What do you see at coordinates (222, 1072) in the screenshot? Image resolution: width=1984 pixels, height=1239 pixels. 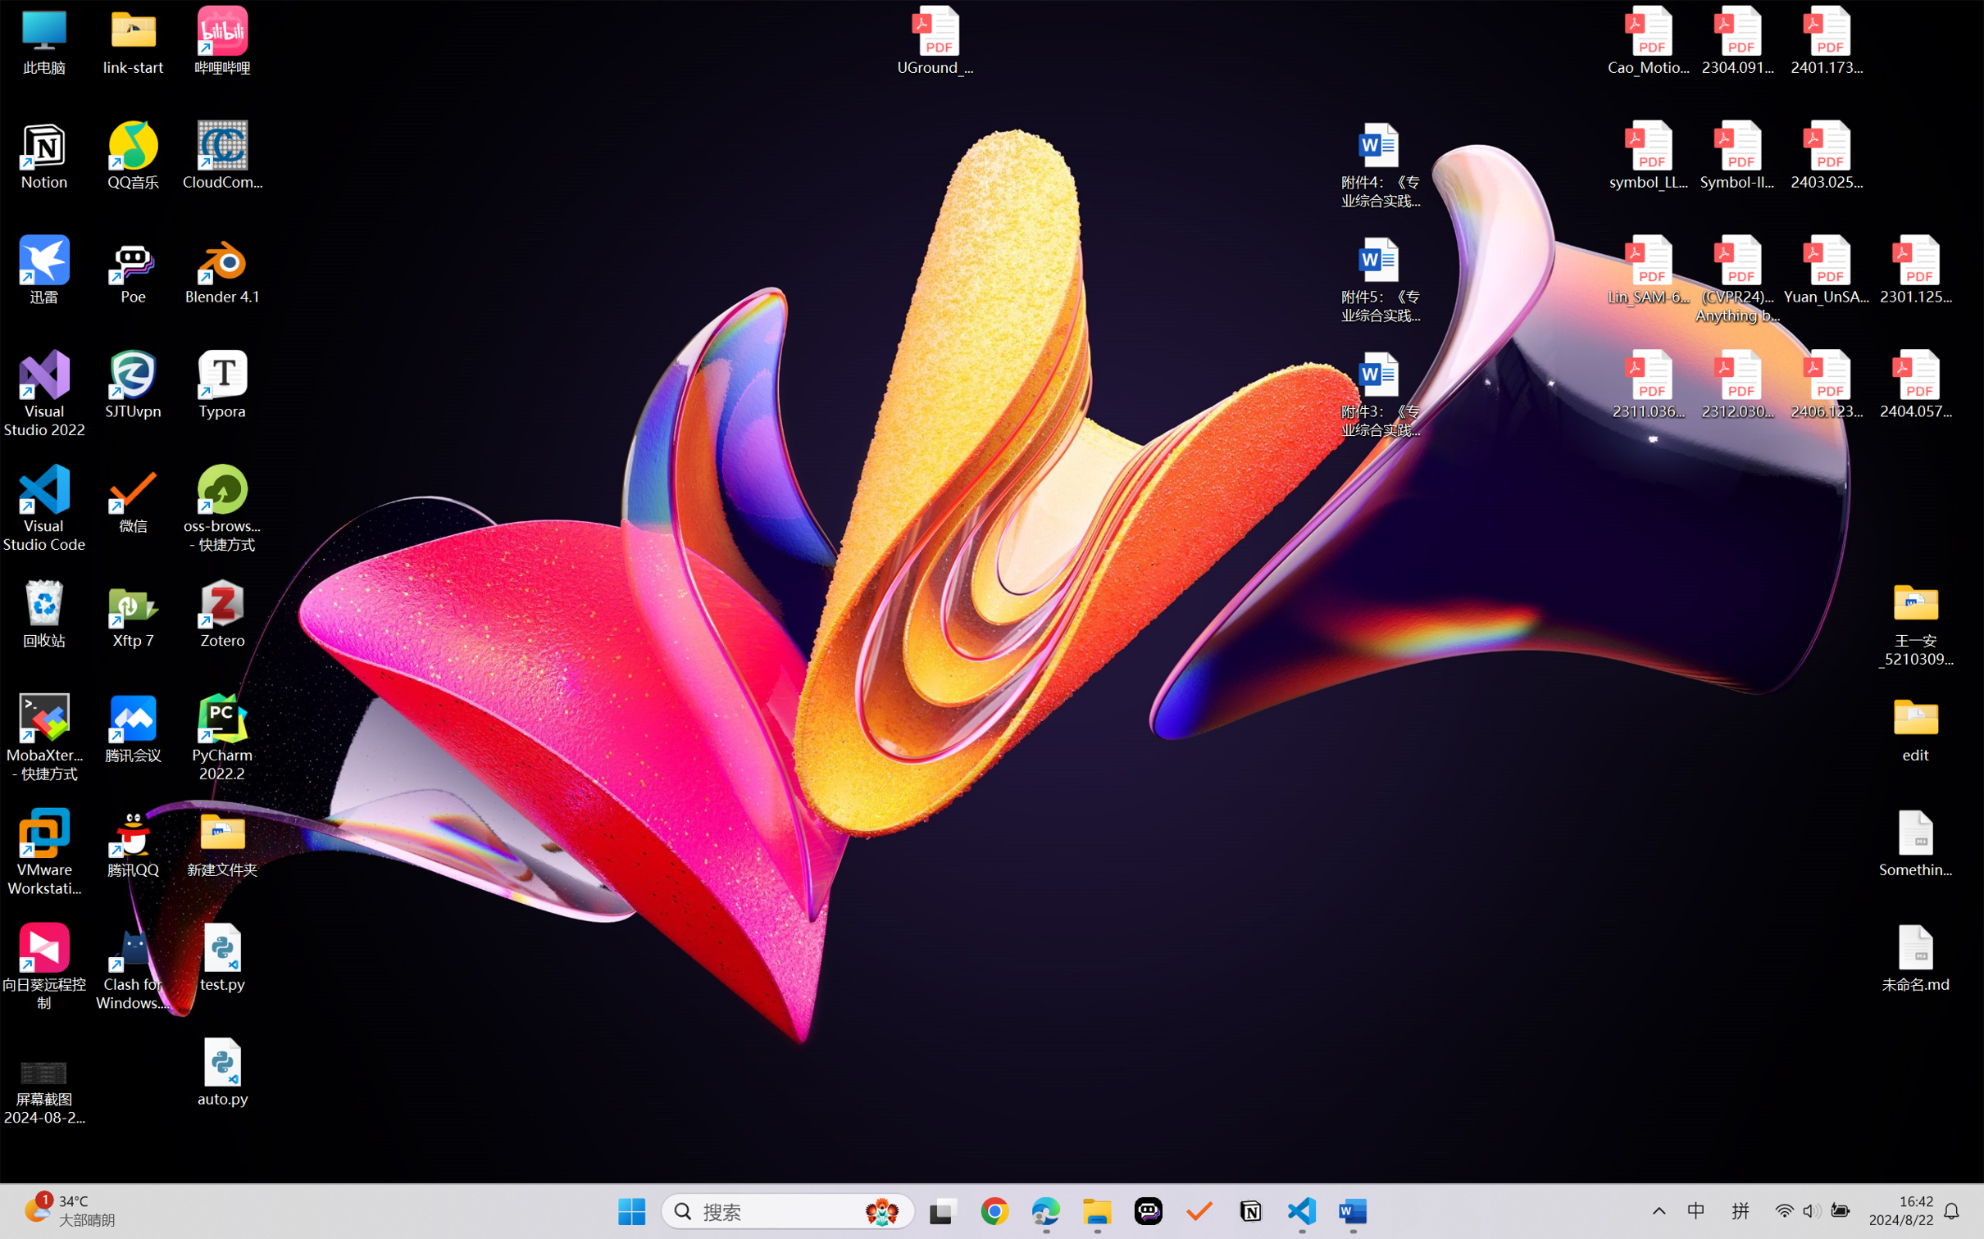 I see `'auto.py'` at bounding box center [222, 1072].